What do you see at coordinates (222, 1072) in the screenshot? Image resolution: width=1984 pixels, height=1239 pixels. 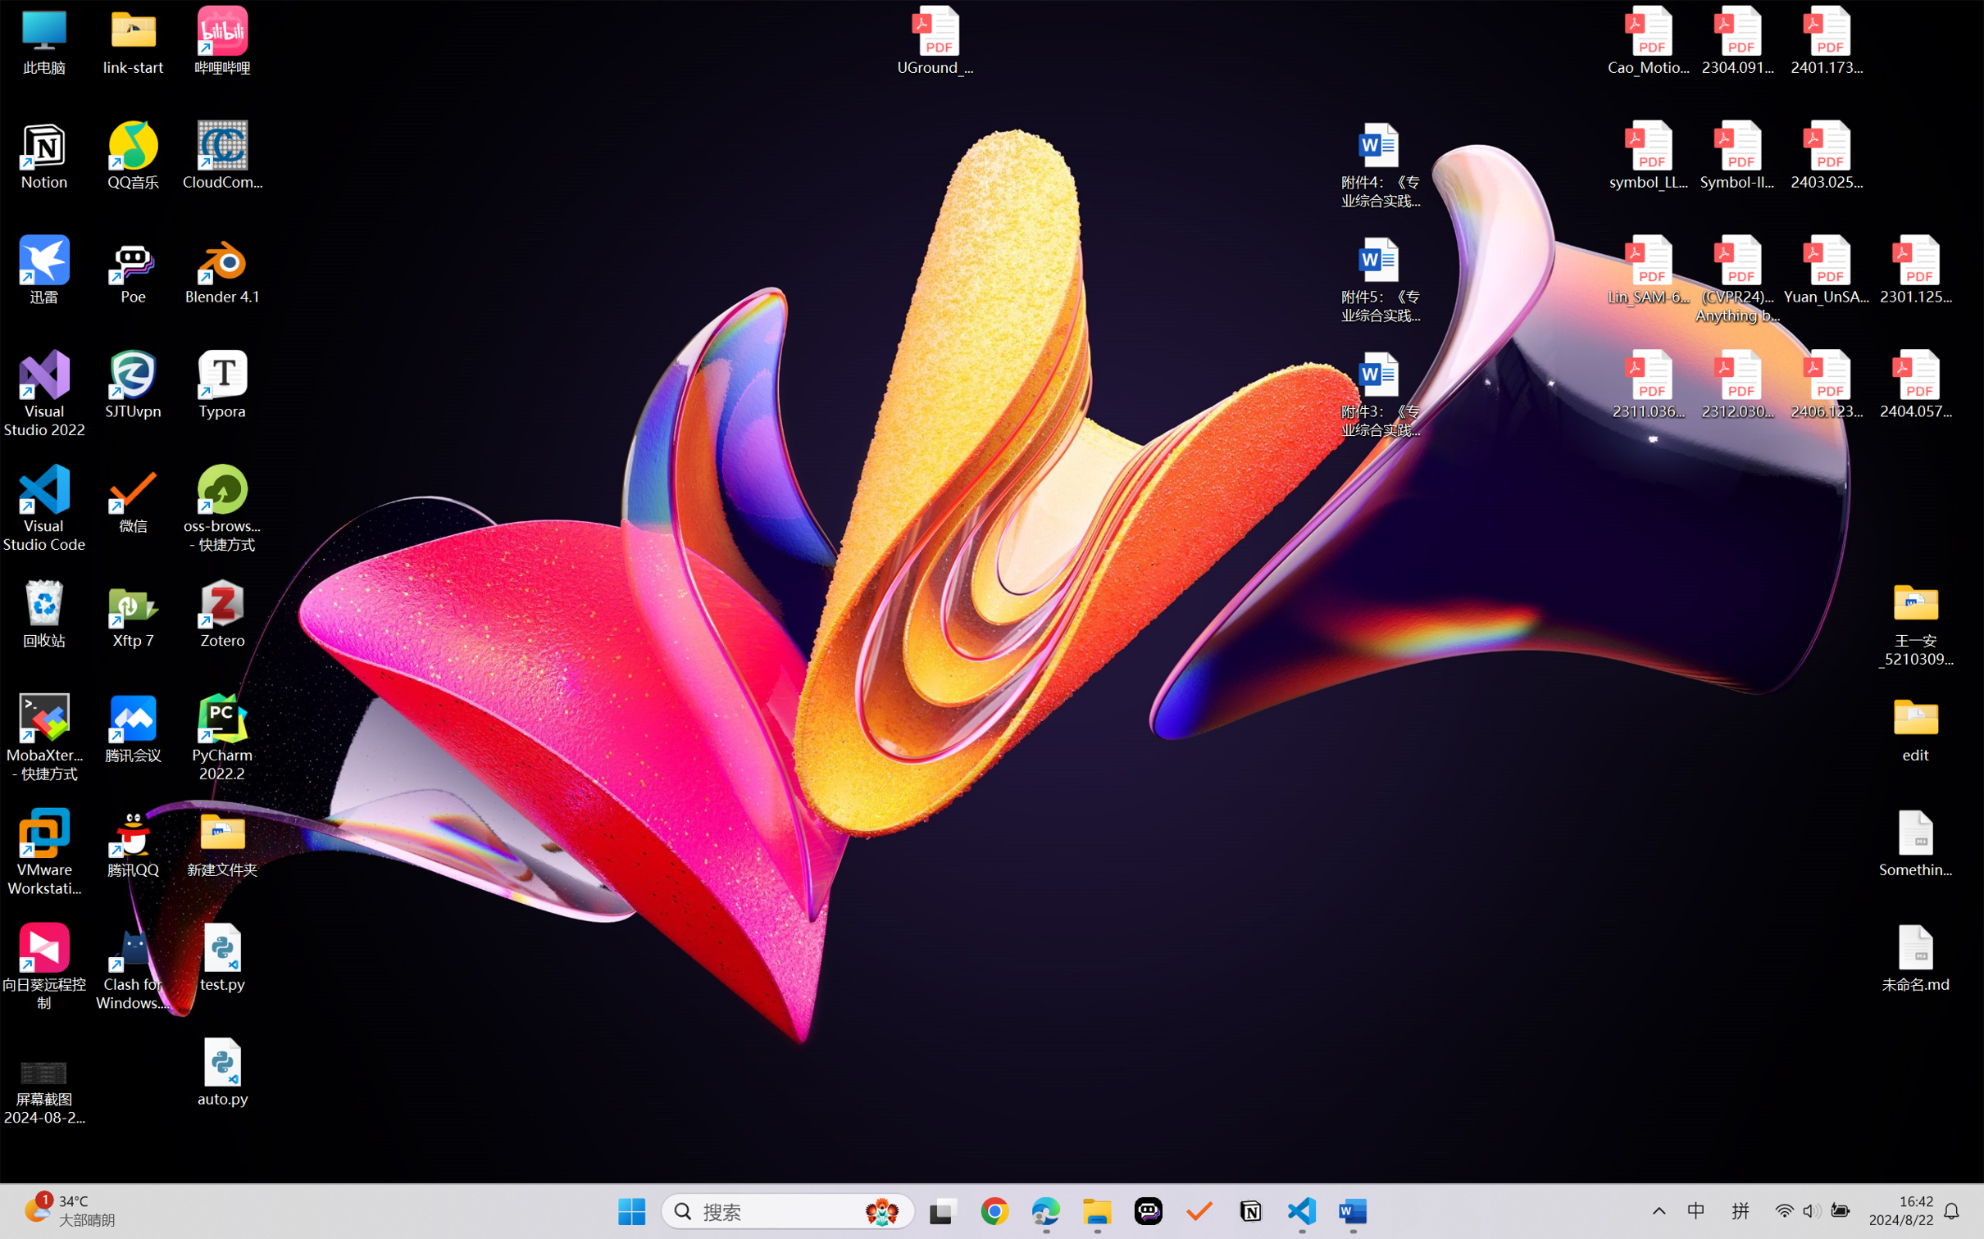 I see `'auto.py'` at bounding box center [222, 1072].